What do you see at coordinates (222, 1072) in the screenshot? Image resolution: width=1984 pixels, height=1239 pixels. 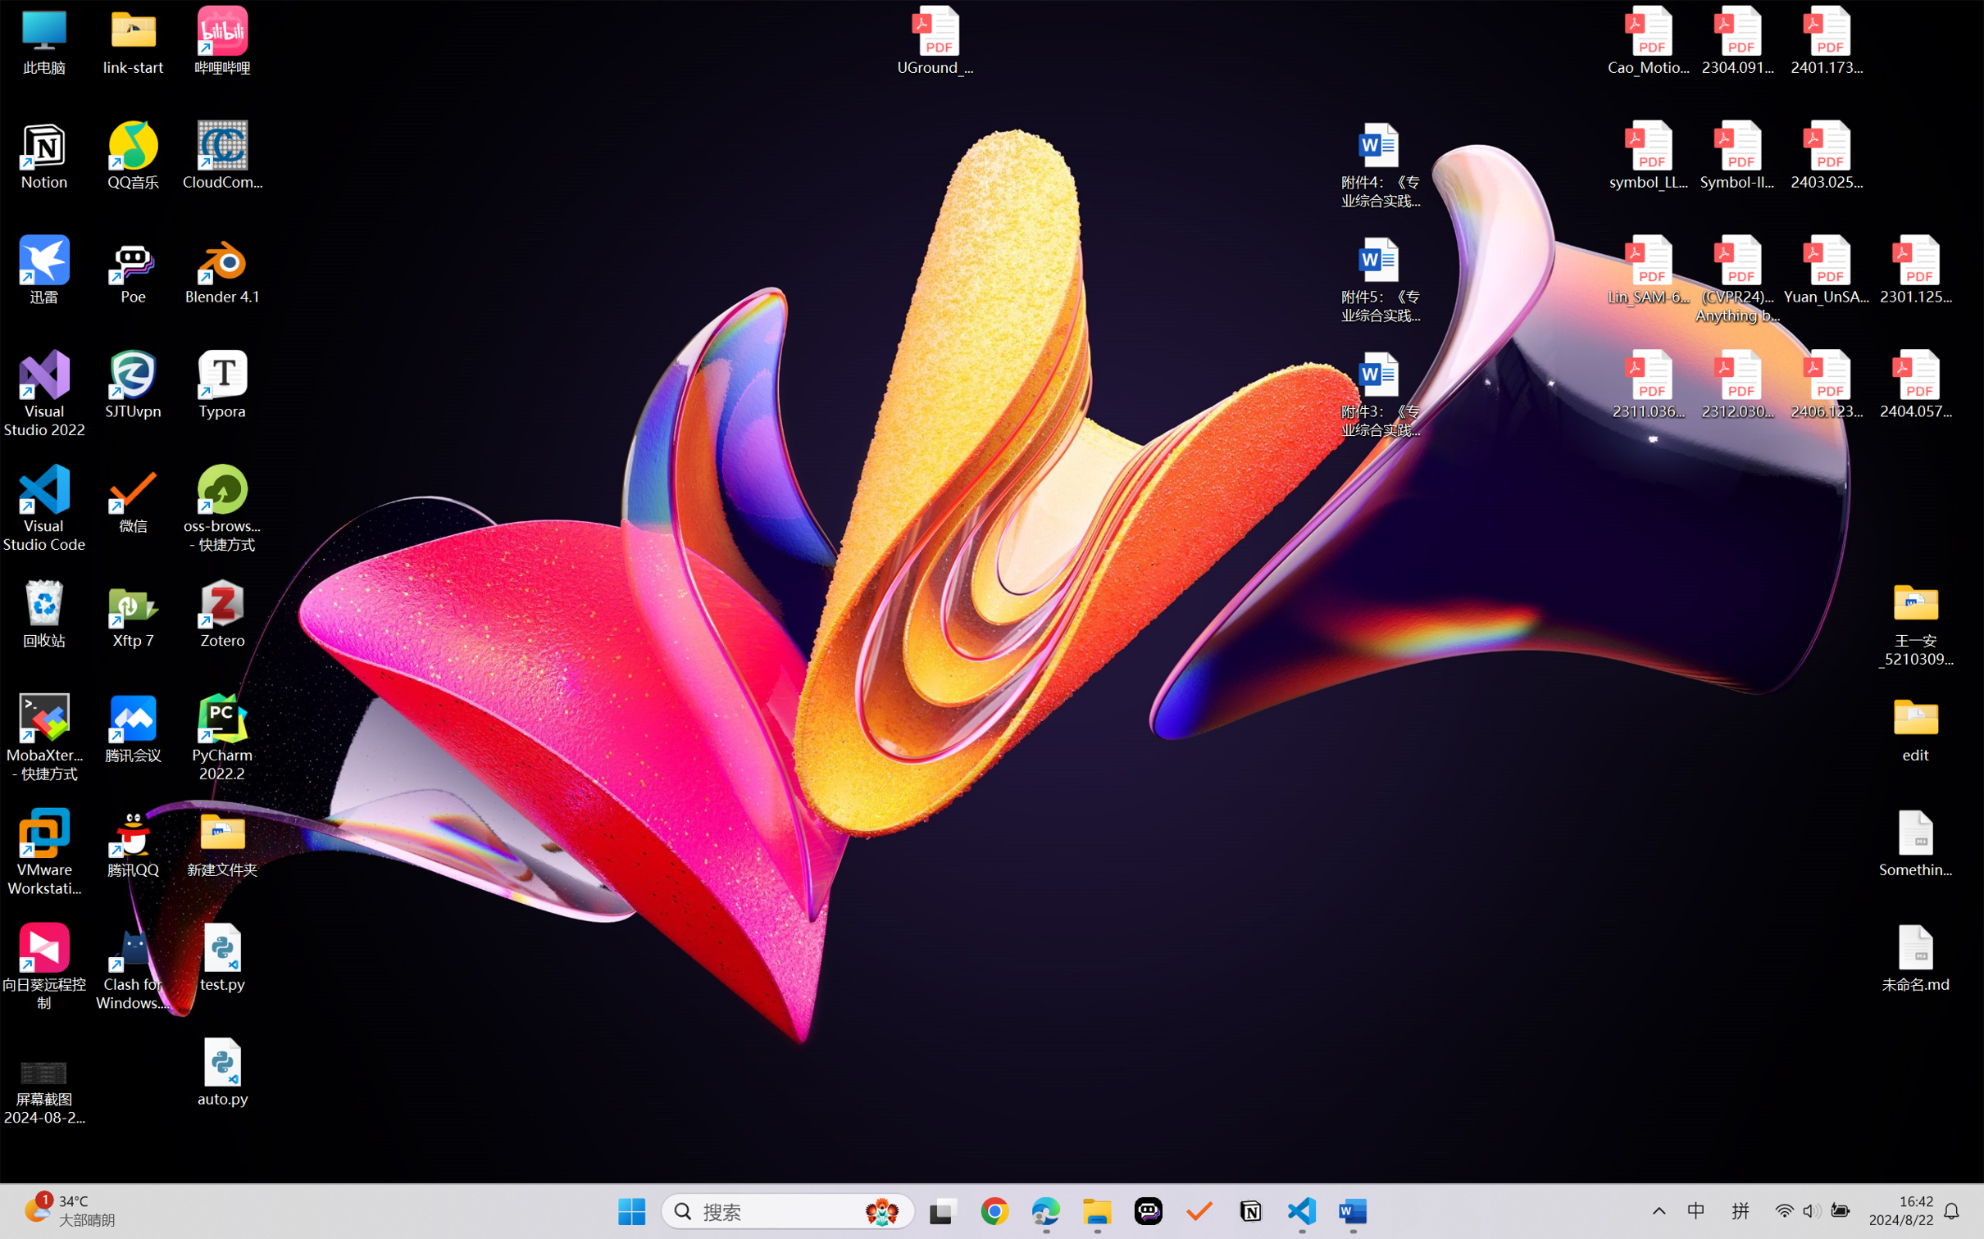 I see `'auto.py'` at bounding box center [222, 1072].